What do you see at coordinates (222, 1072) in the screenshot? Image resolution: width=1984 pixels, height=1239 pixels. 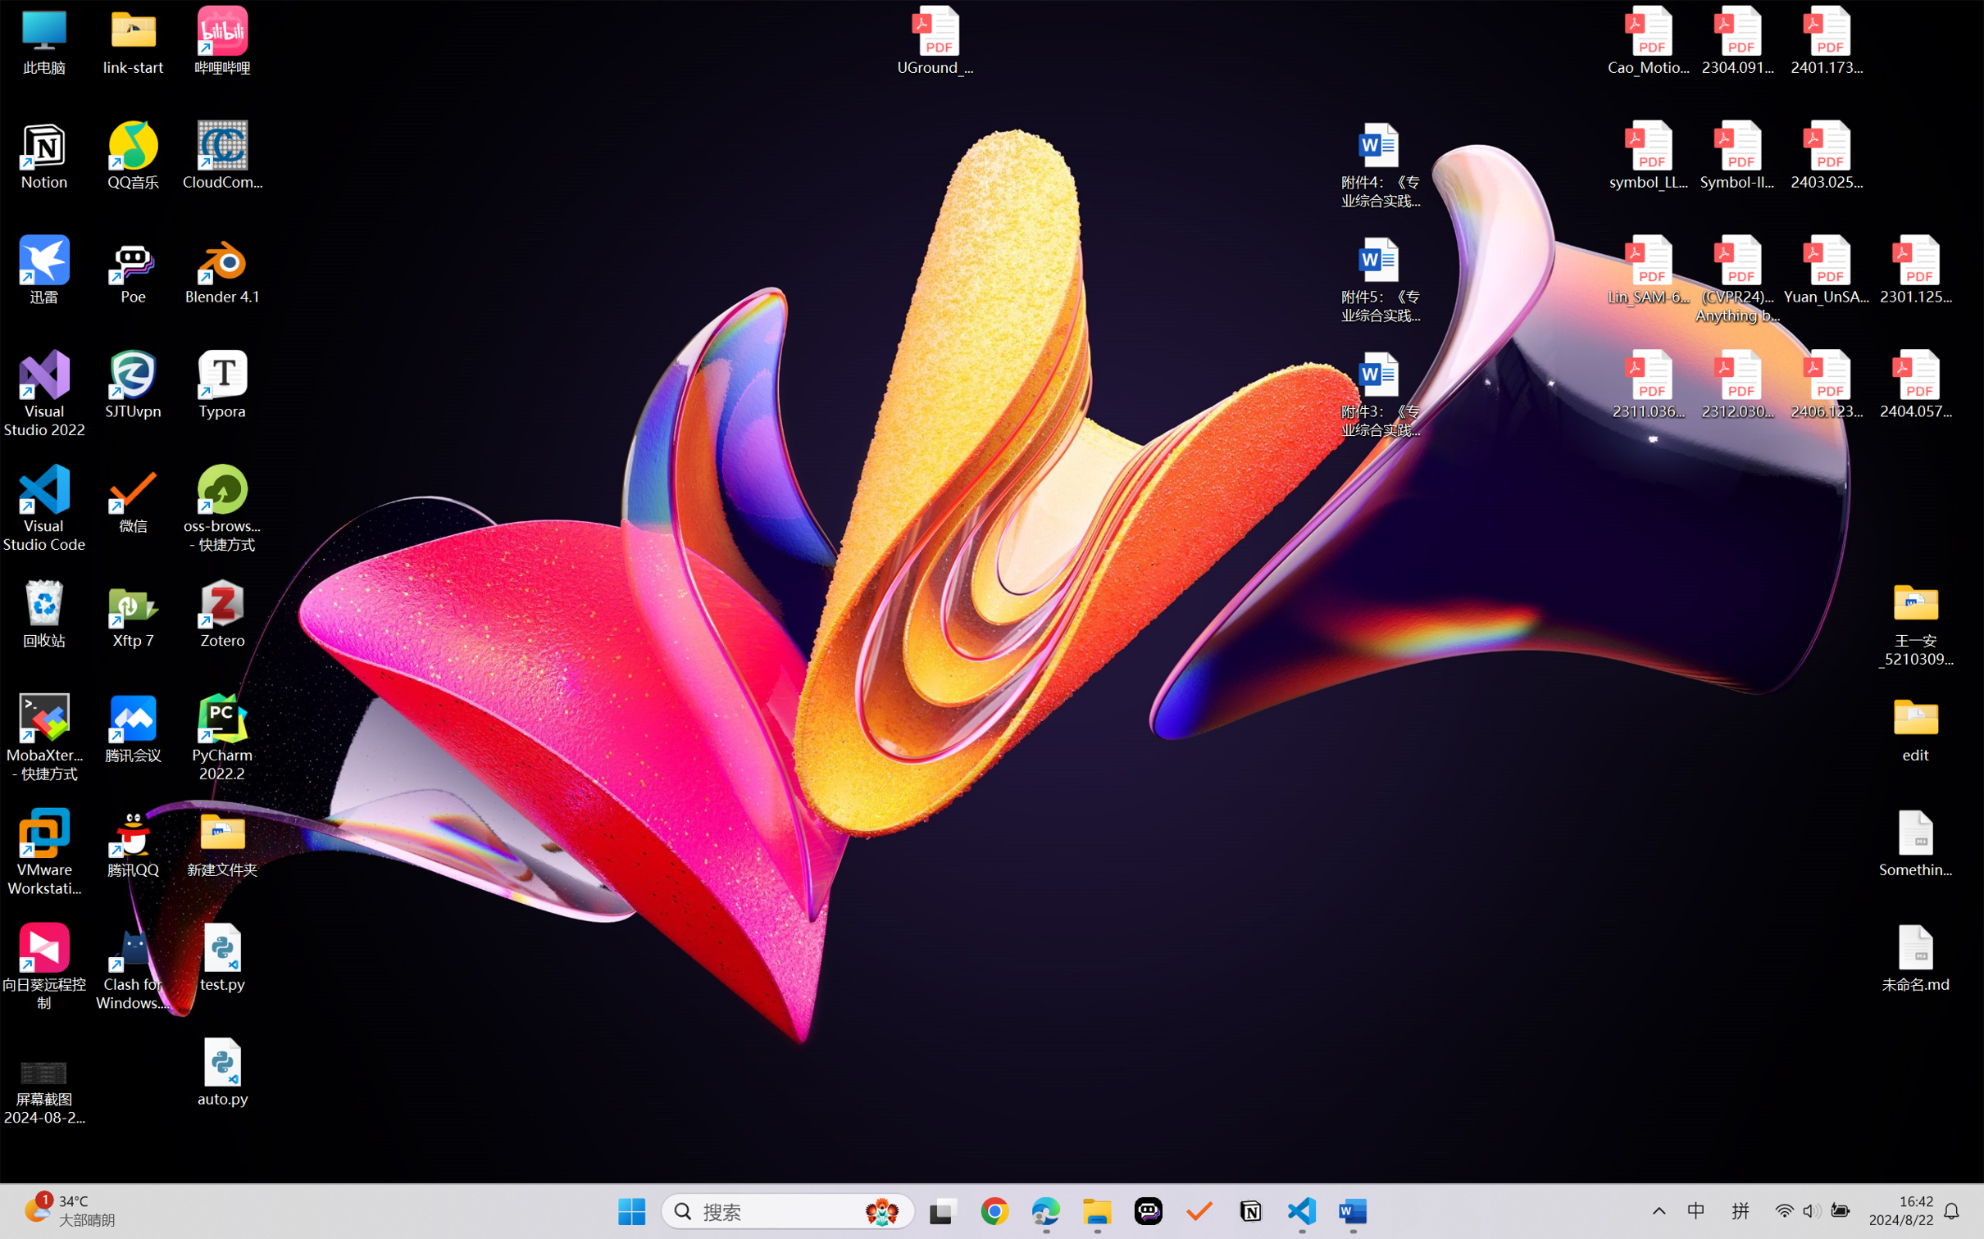 I see `'auto.py'` at bounding box center [222, 1072].